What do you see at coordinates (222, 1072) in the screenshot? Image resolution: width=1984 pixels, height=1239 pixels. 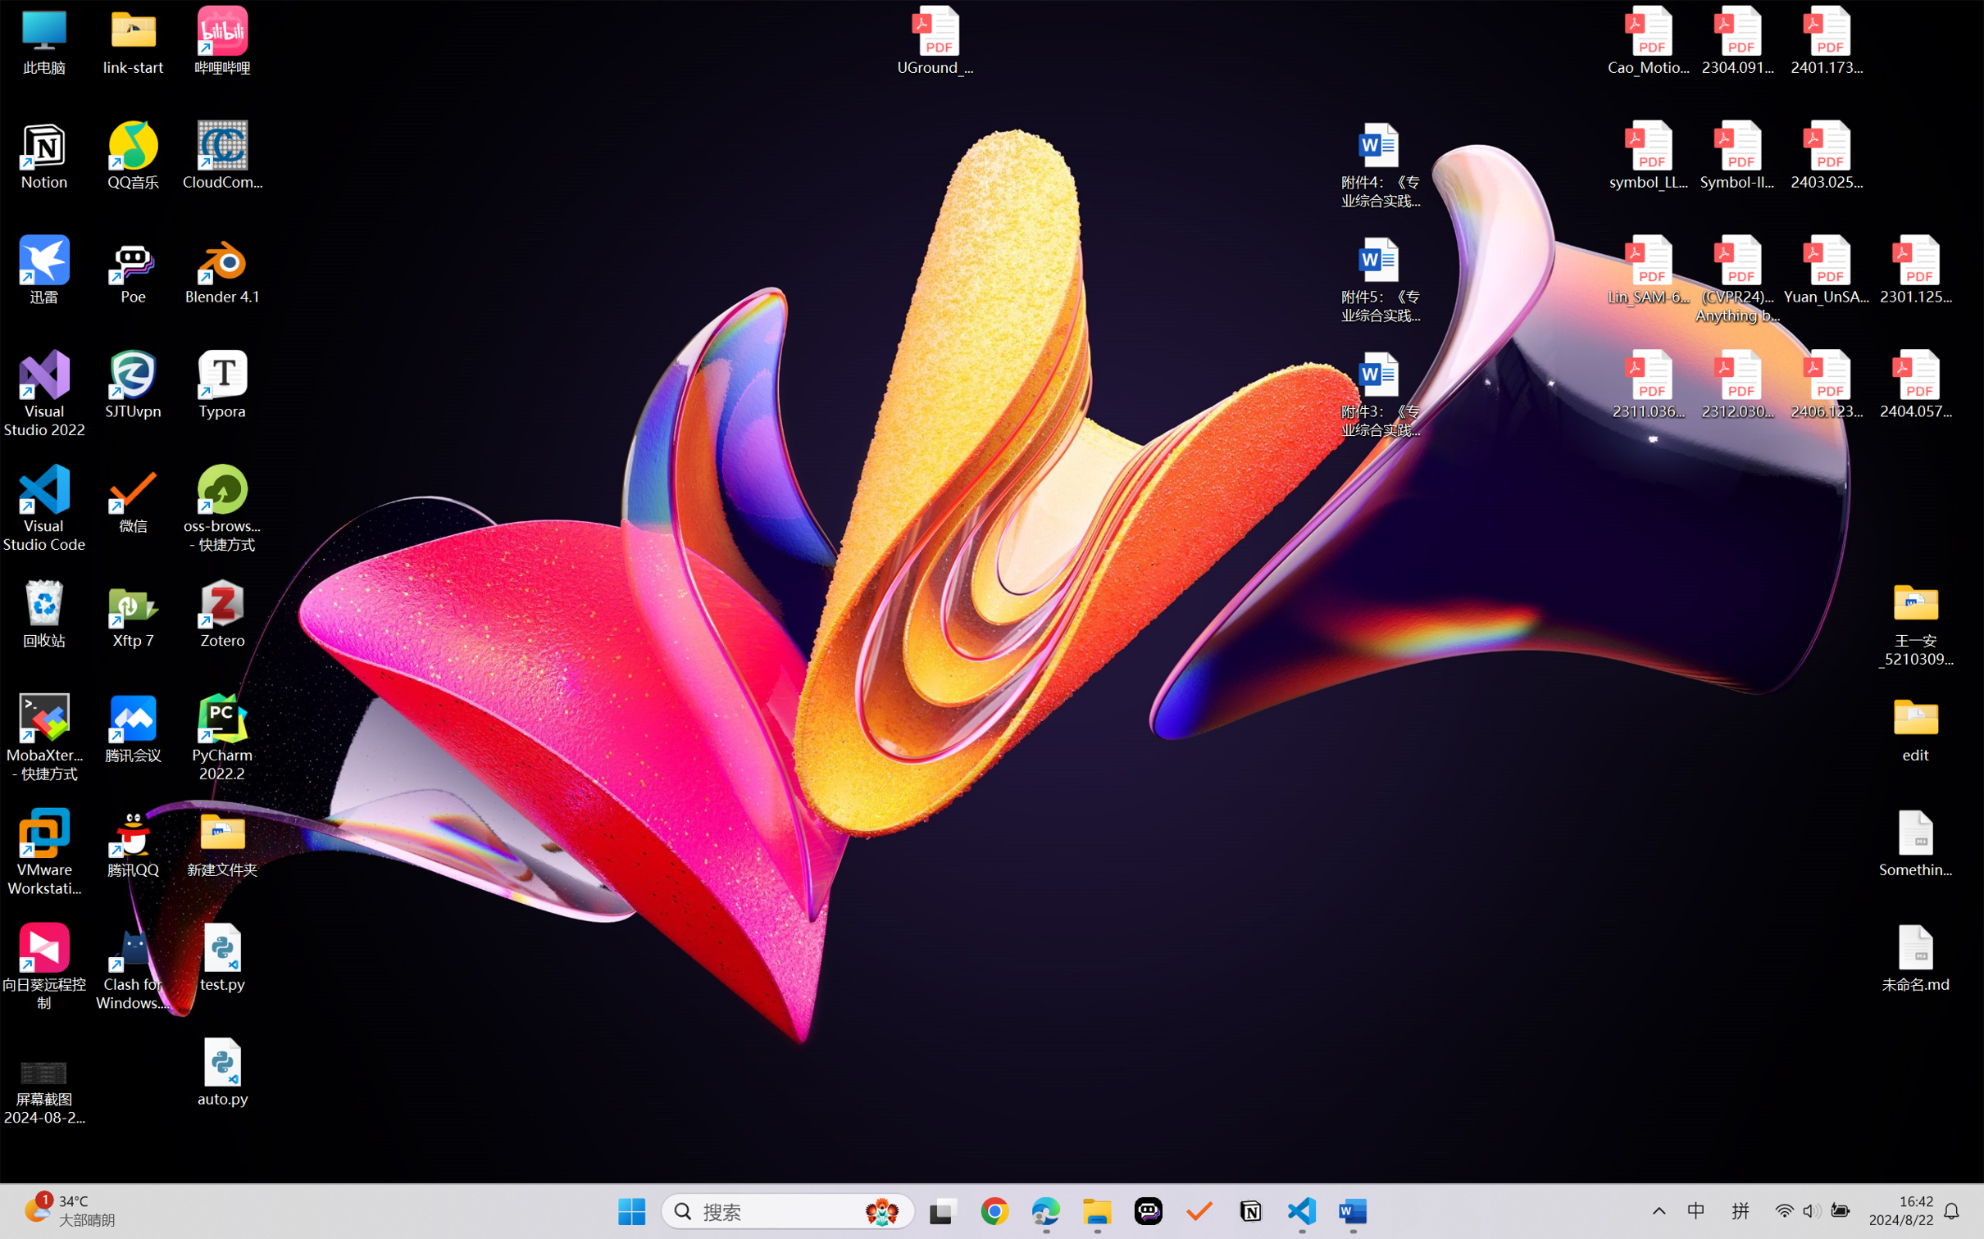 I see `'auto.py'` at bounding box center [222, 1072].